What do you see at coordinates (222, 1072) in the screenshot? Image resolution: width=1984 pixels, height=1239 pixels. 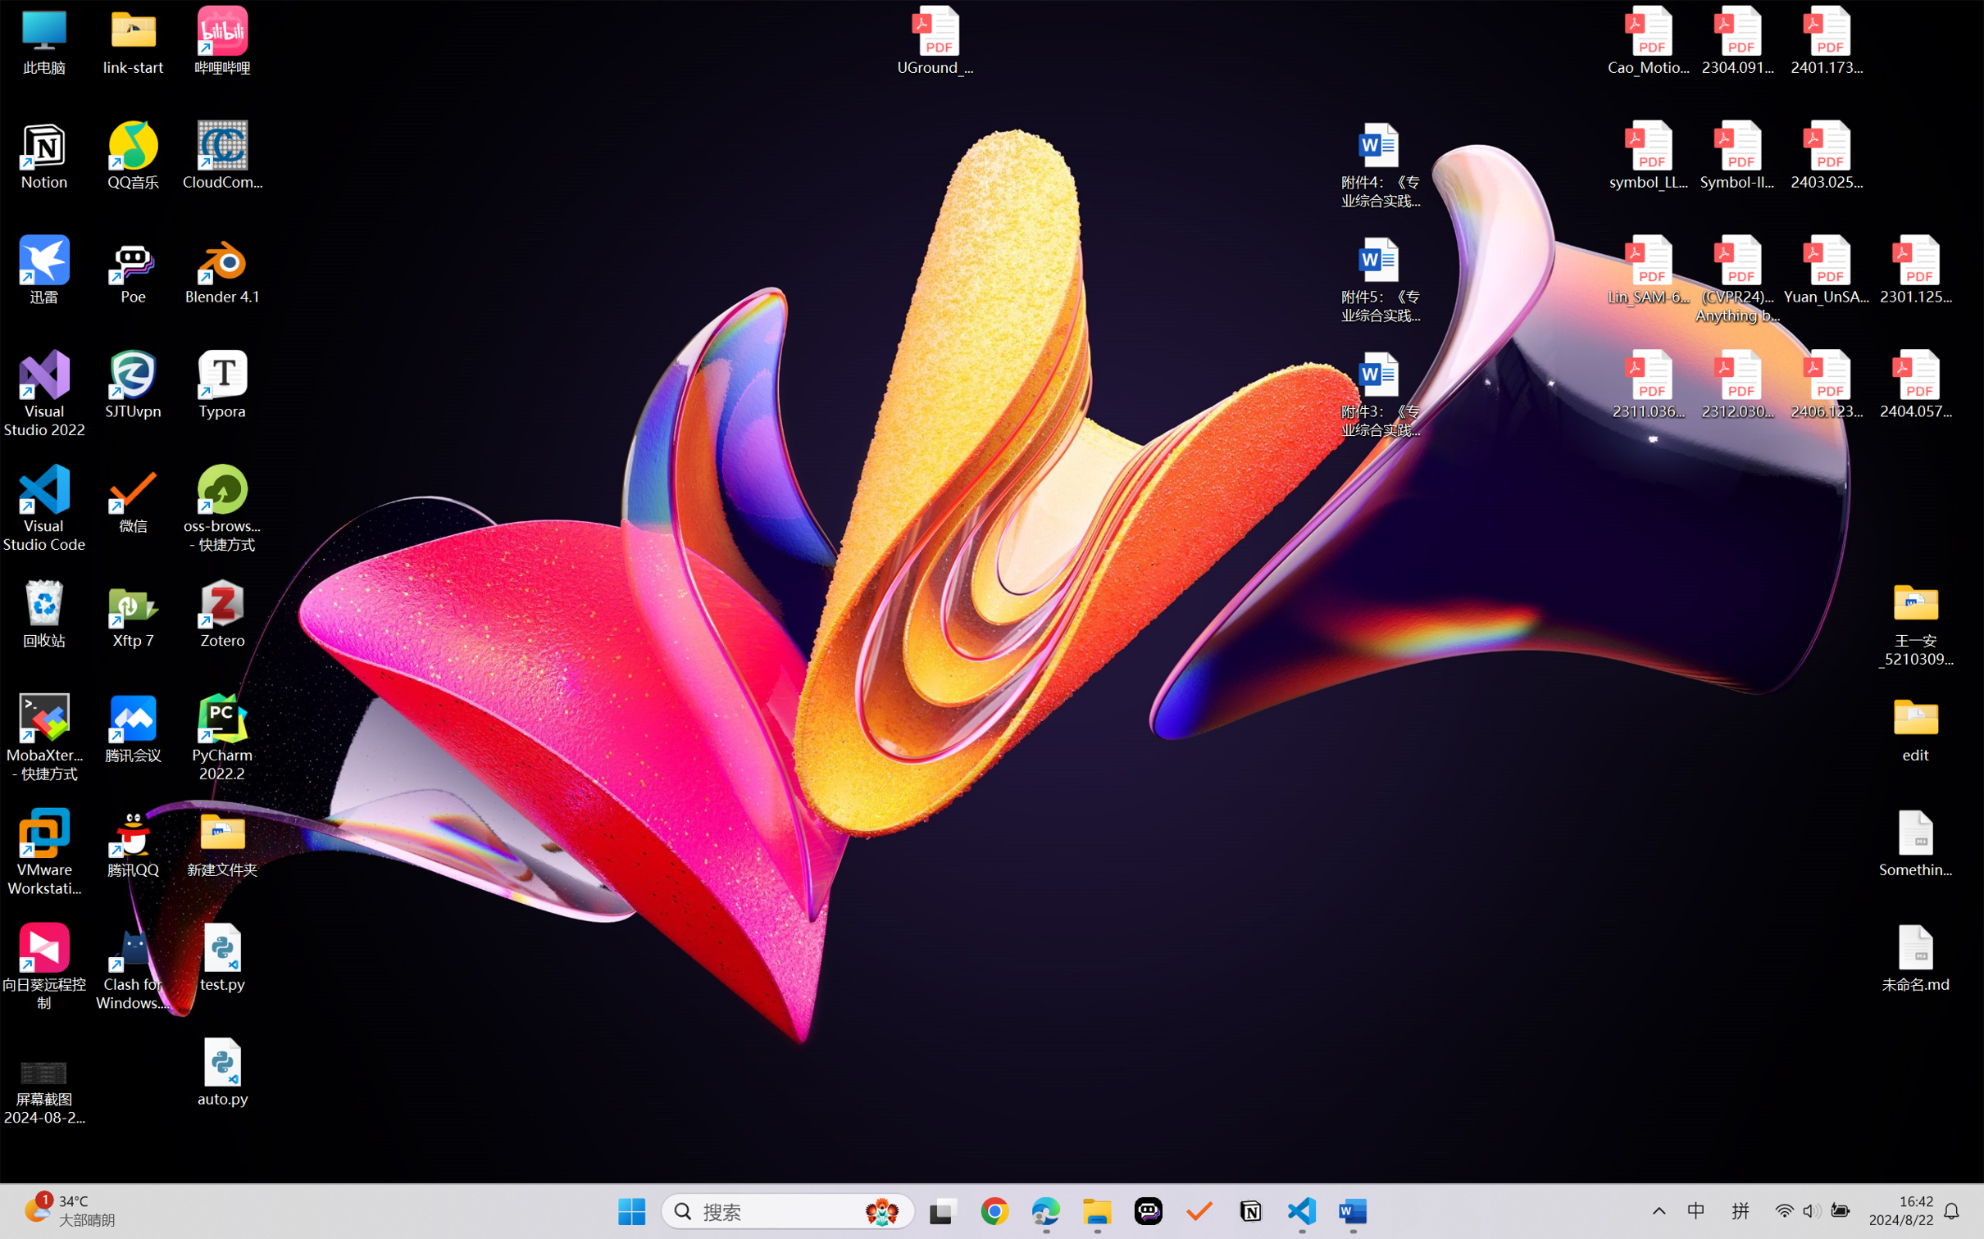 I see `'auto.py'` at bounding box center [222, 1072].